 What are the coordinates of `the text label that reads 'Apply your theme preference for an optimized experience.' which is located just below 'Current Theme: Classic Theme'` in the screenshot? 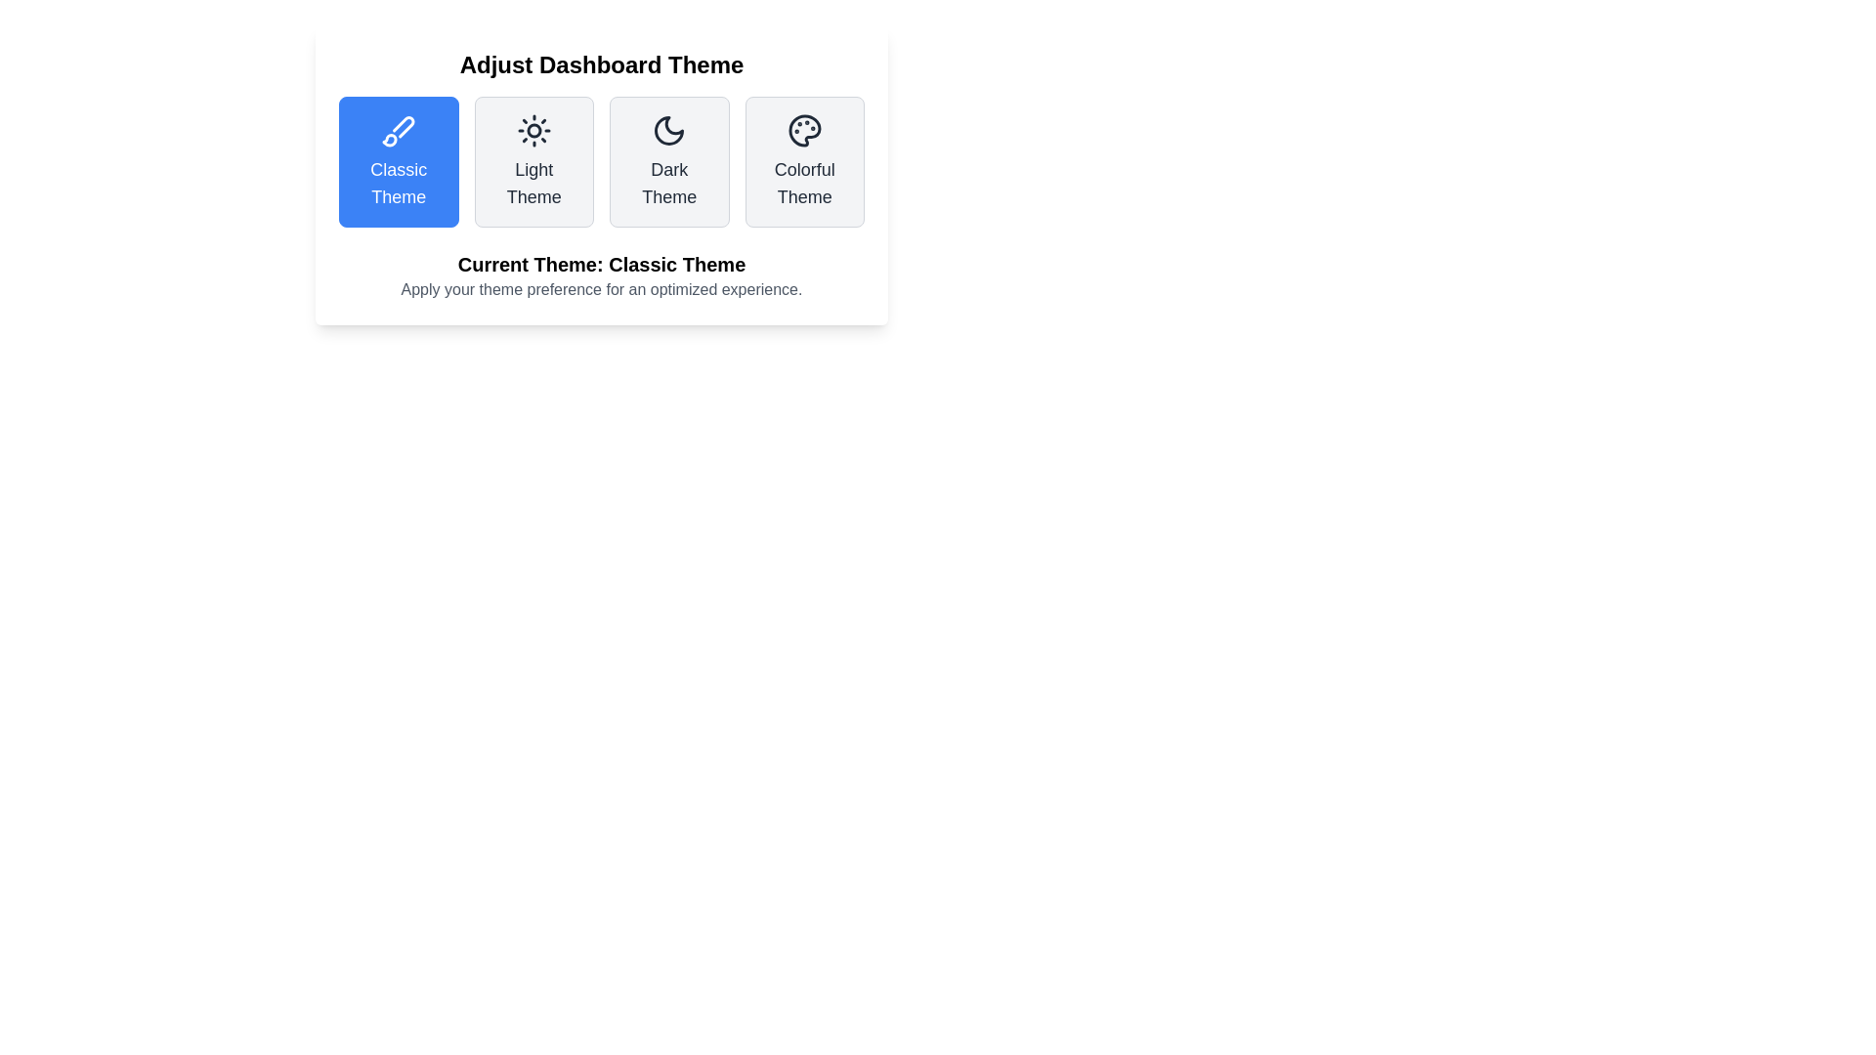 It's located at (600, 290).